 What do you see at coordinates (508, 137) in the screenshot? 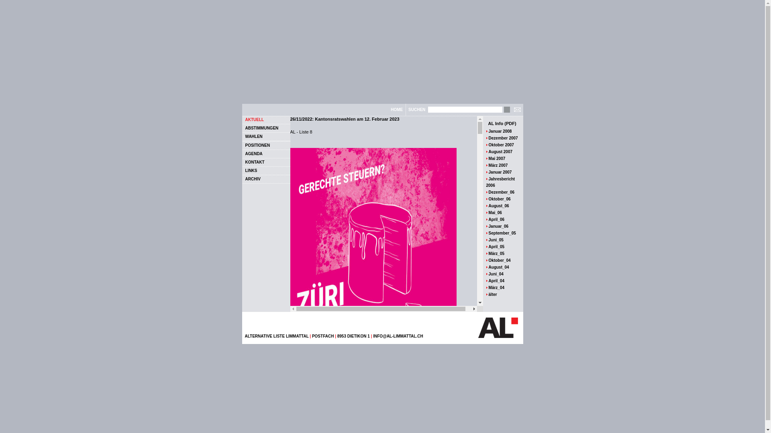
I see `'2007'` at bounding box center [508, 137].